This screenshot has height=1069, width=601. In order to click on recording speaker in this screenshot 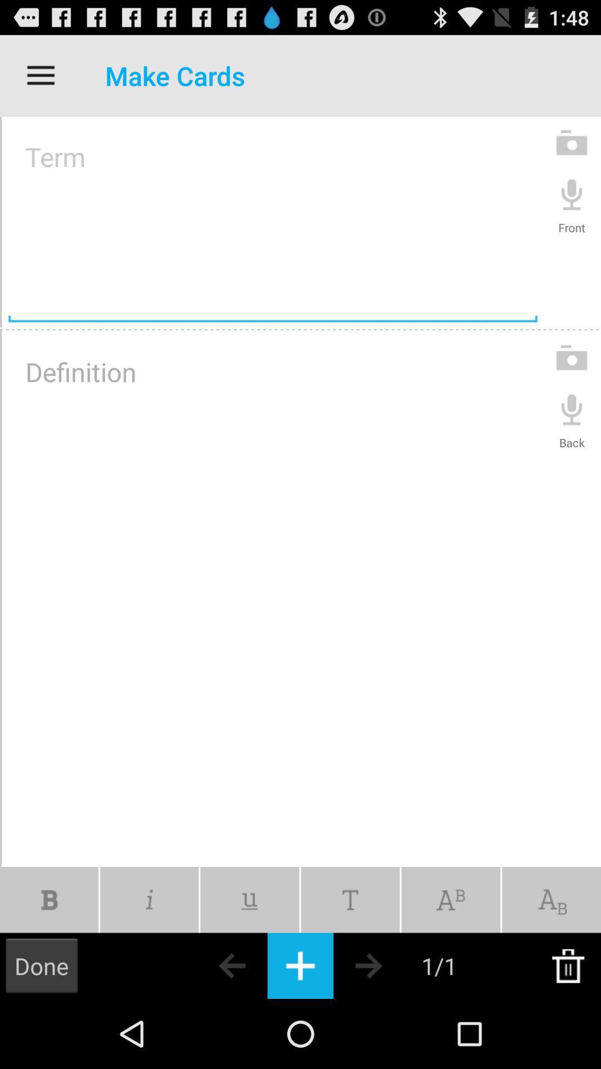, I will do `click(572, 408)`.